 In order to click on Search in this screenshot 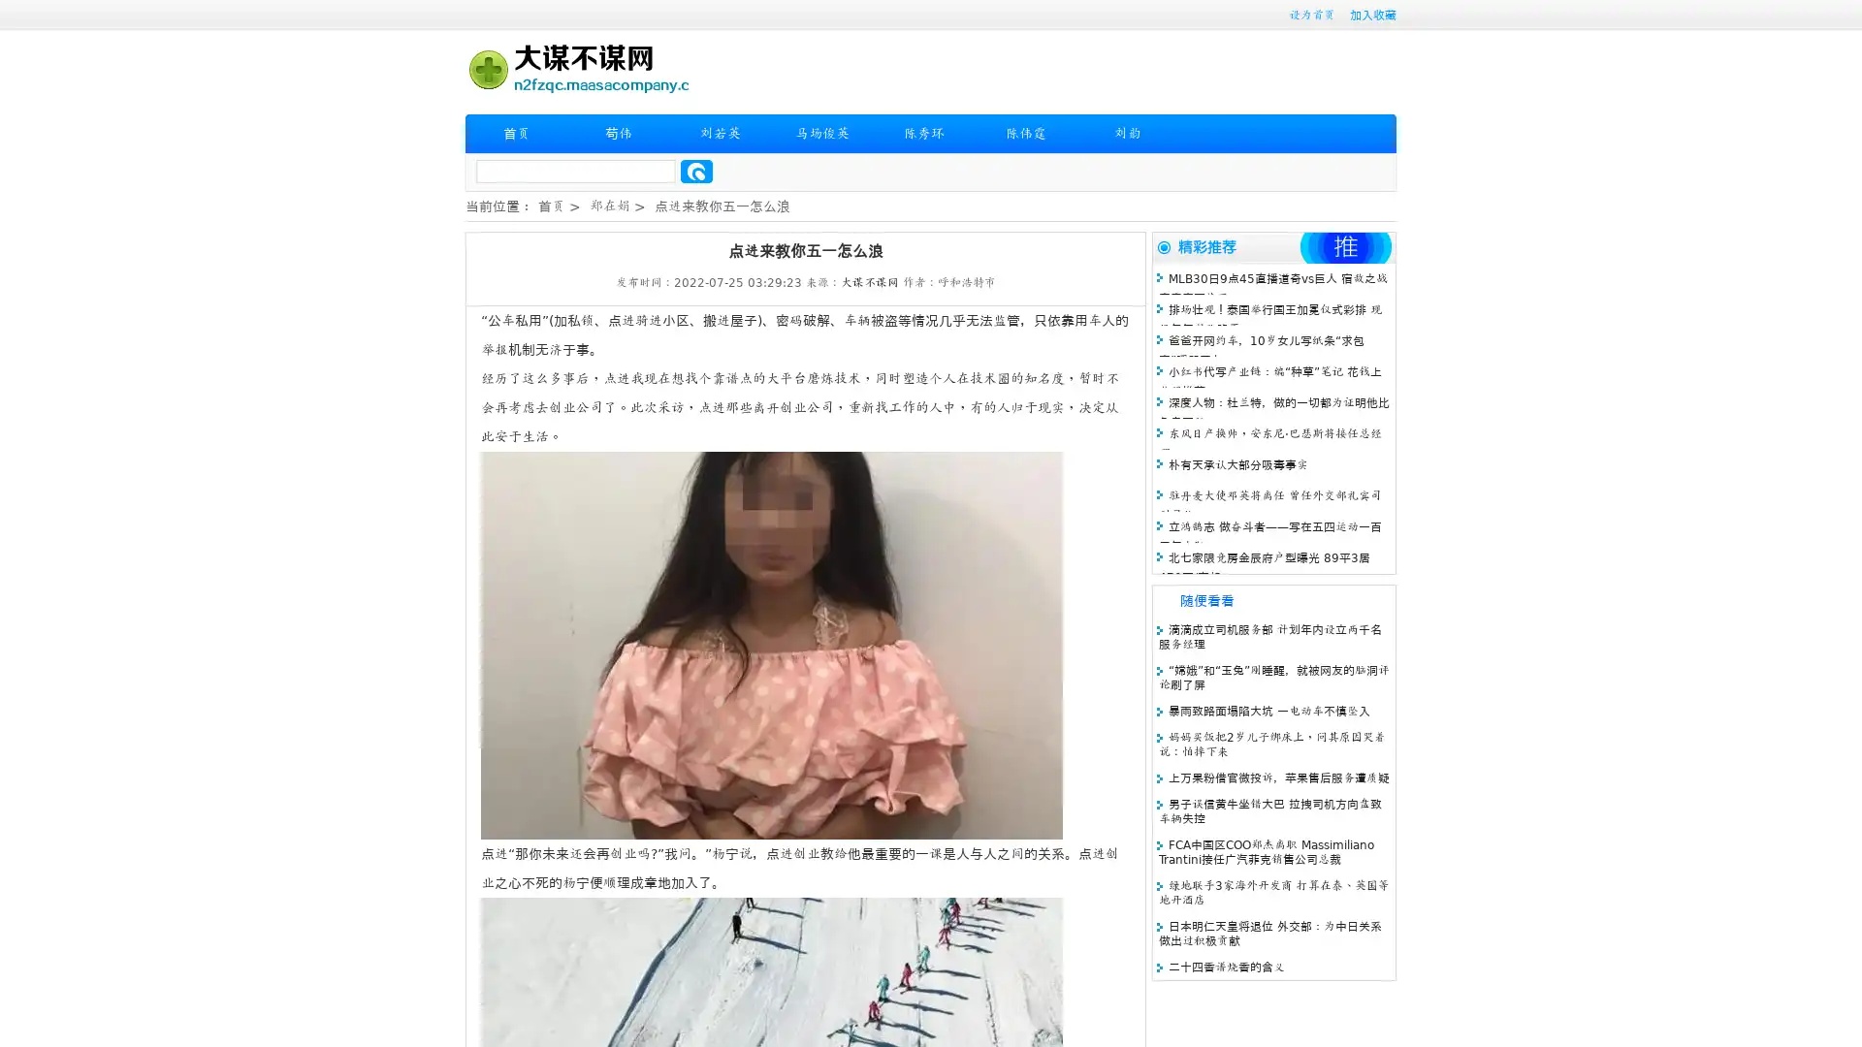, I will do `click(696, 171)`.